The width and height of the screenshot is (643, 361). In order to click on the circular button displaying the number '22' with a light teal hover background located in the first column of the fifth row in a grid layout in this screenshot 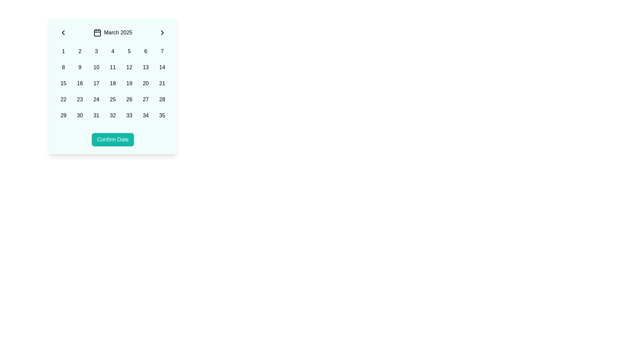, I will do `click(63, 99)`.